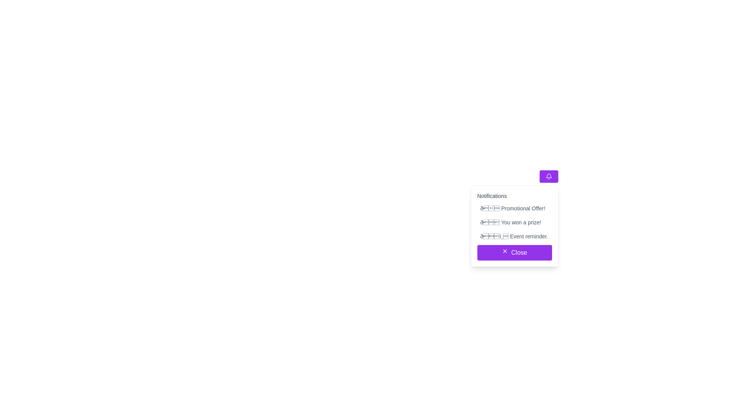 This screenshot has height=420, width=747. What do you see at coordinates (548, 249) in the screenshot?
I see `the 'Close' button with a purple background and white text, located at the bottom of the notification modal` at bounding box center [548, 249].